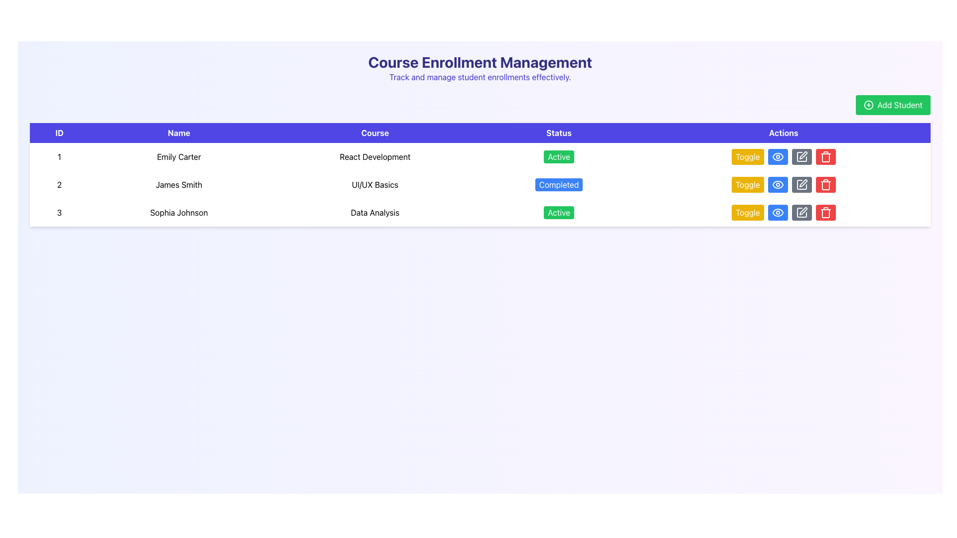 This screenshot has height=538, width=957. I want to click on the 'Actions' column header, which is the last of five headers in the table, located at the far right of the row, so click(783, 132).